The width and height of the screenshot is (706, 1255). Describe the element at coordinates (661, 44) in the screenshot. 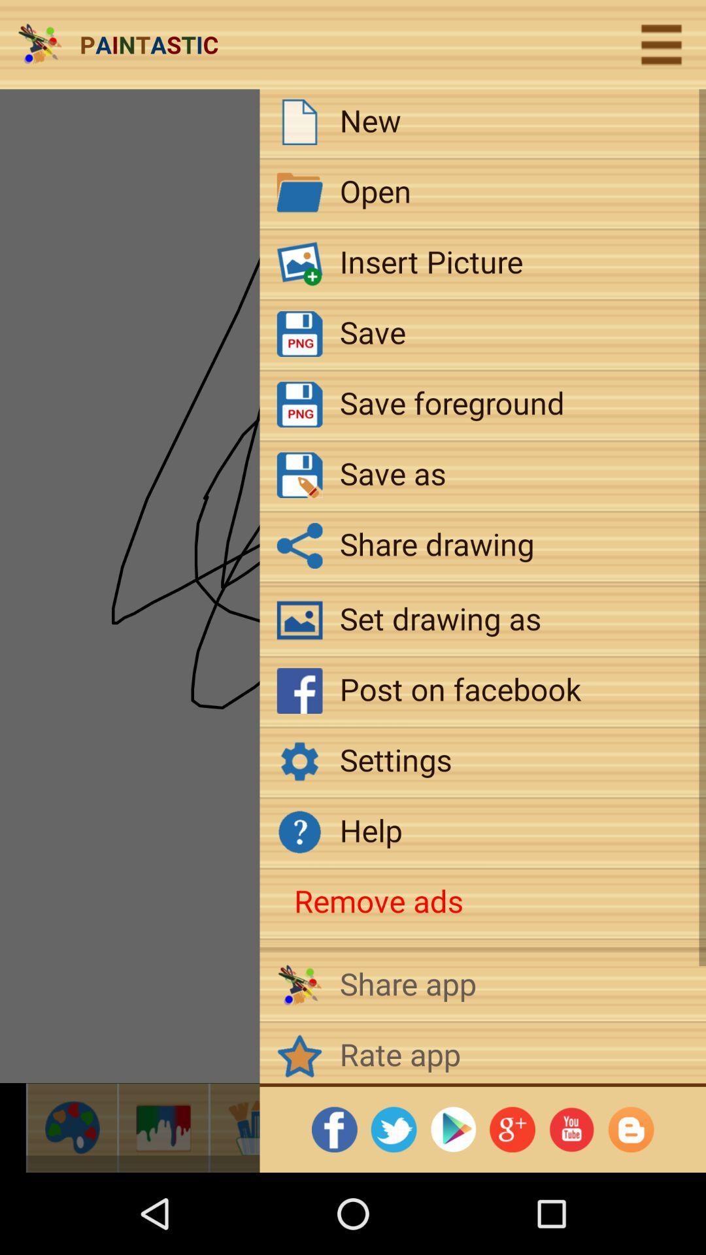

I see `the menu icon` at that location.